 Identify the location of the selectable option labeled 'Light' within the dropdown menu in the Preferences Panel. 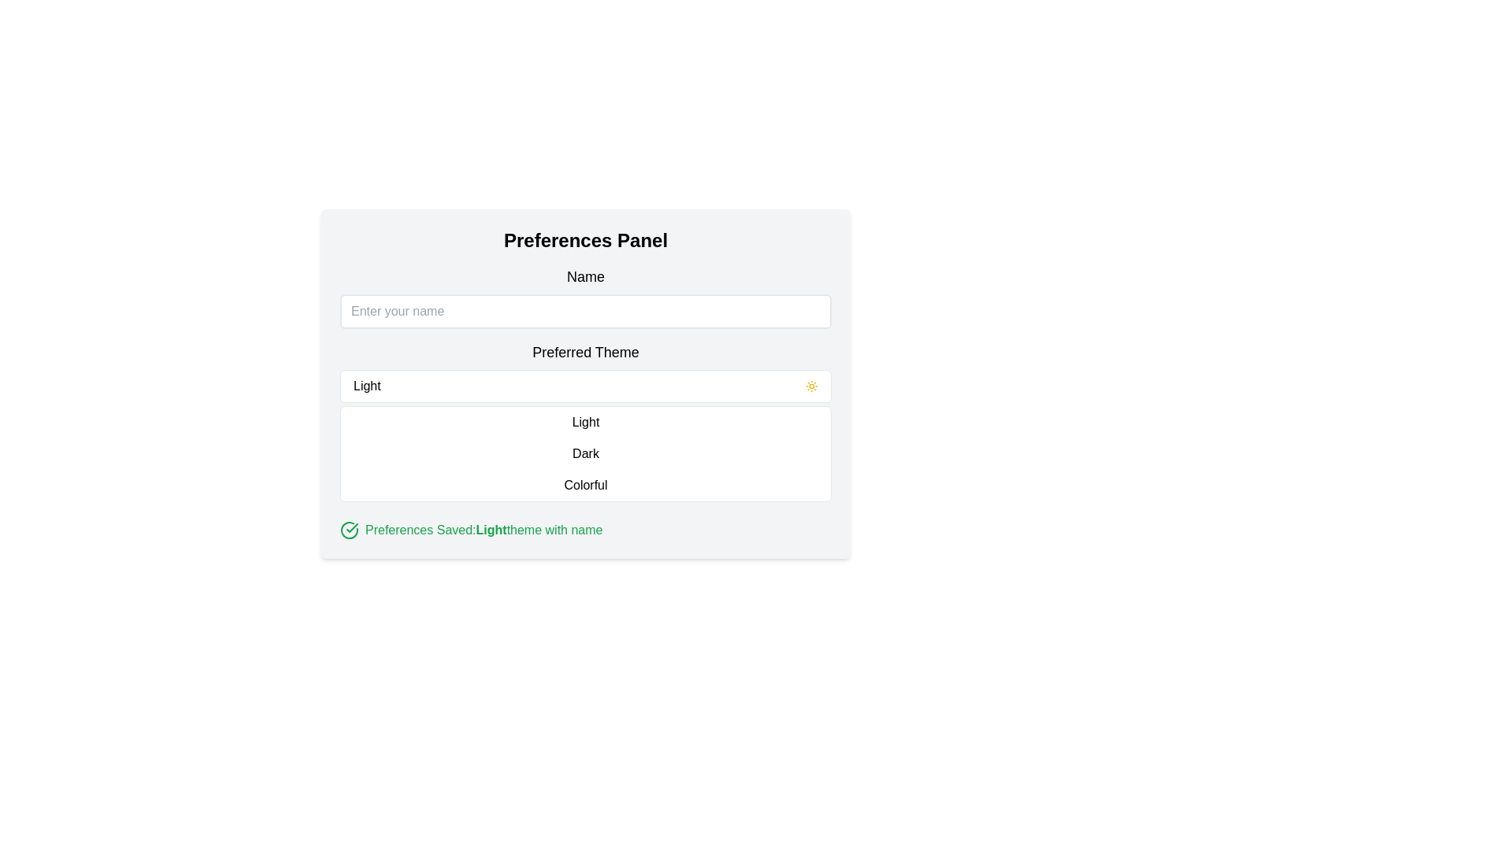
(585, 386).